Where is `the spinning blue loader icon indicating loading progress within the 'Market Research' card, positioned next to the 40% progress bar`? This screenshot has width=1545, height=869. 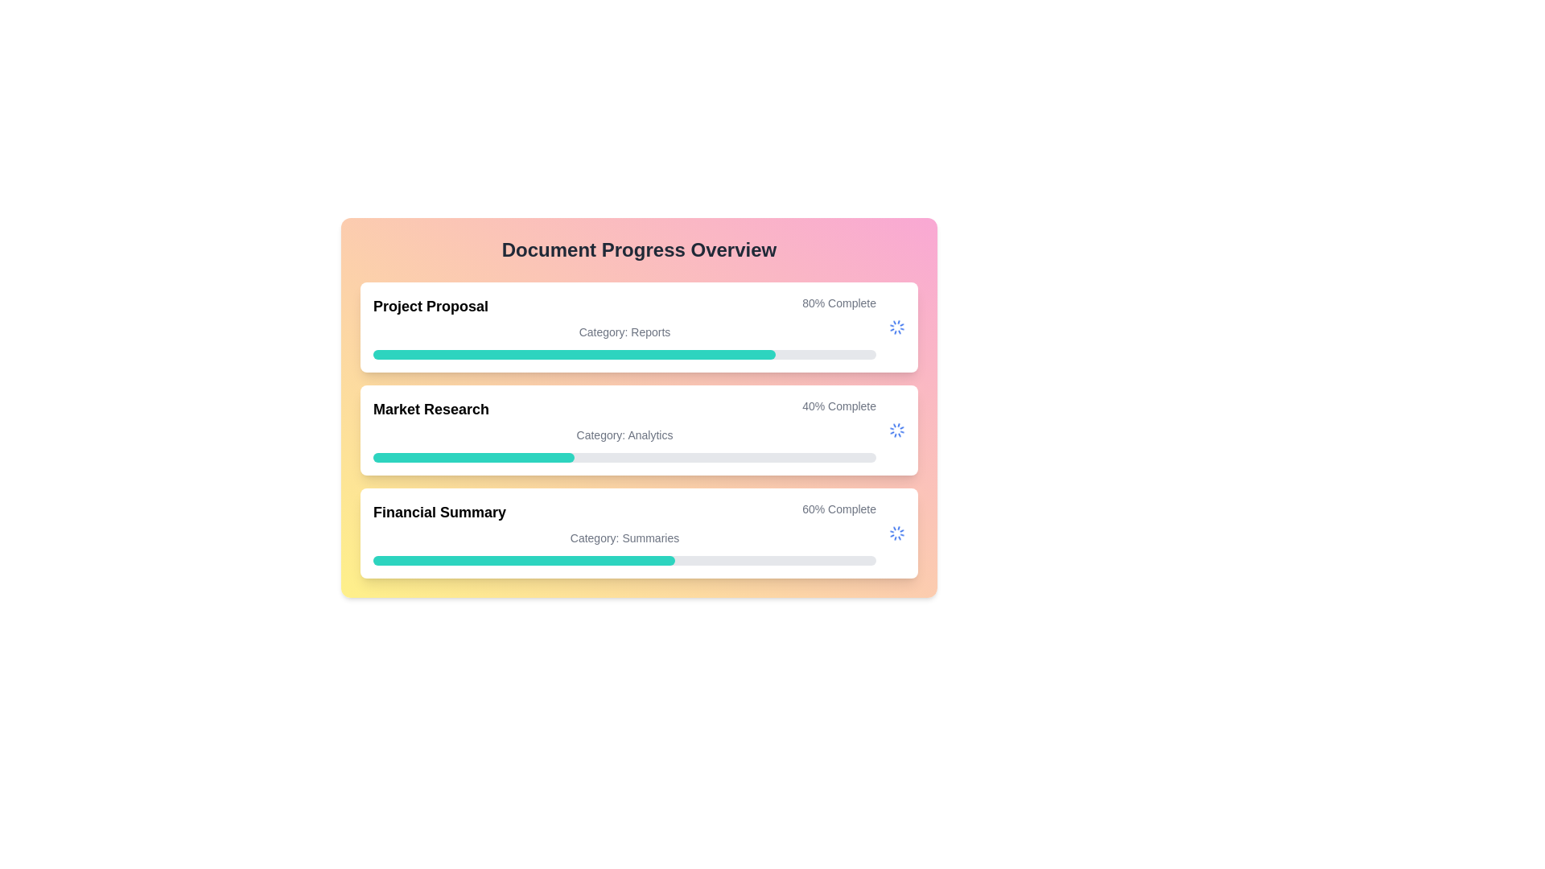 the spinning blue loader icon indicating loading progress within the 'Market Research' card, positioned next to the 40% progress bar is located at coordinates (896, 430).